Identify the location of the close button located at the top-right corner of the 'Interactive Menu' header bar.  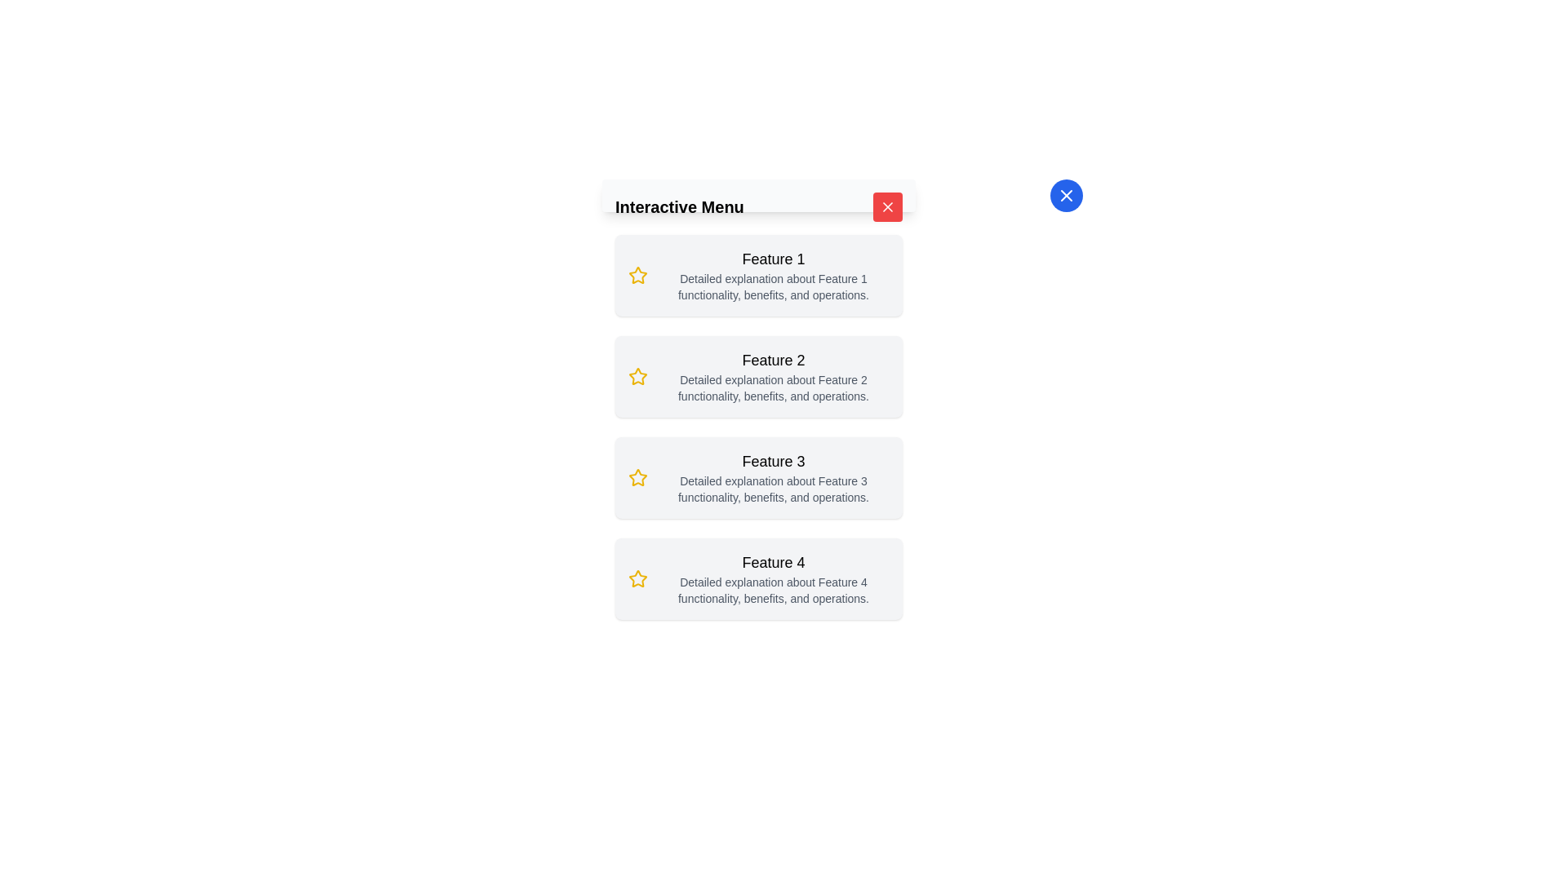
(887, 206).